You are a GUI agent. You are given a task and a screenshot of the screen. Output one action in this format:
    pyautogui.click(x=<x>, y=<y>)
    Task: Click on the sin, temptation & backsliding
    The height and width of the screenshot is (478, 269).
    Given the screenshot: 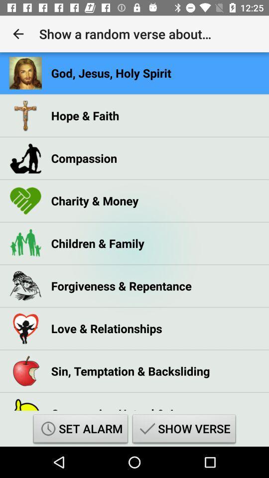 What is the action you would take?
    pyautogui.click(x=131, y=370)
    